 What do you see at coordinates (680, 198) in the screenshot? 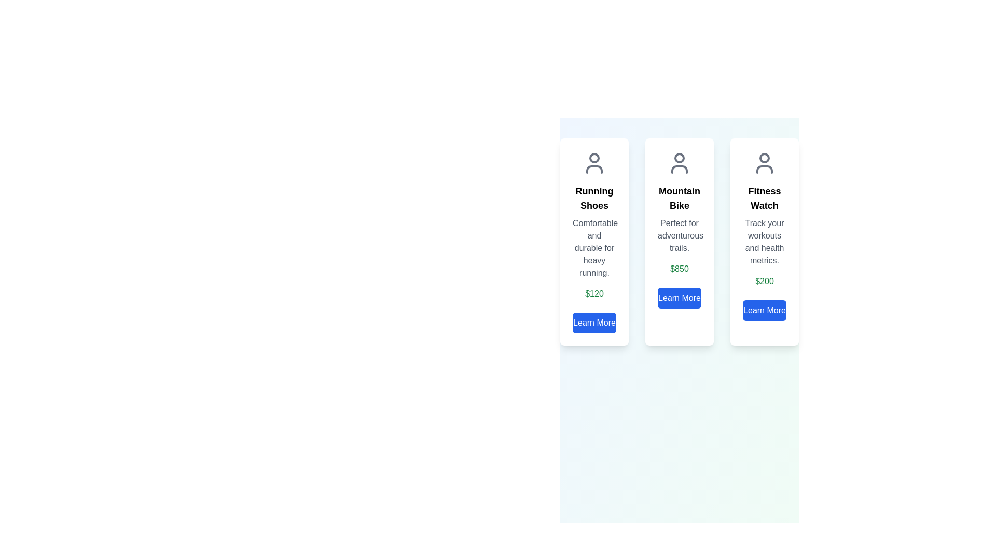
I see `text label indicating 'Mountain Bike' located centrally within the middle card, positioned above the description text 'Perfect for adventurous trails'` at bounding box center [680, 198].